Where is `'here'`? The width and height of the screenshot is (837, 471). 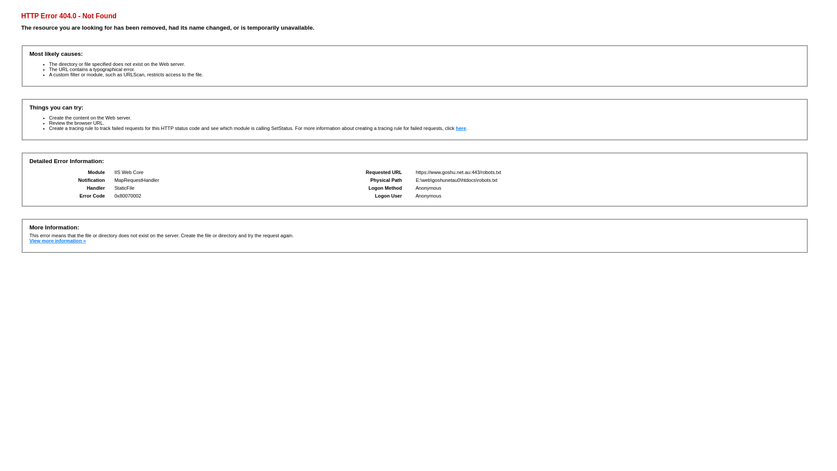 'here' is located at coordinates (460, 128).